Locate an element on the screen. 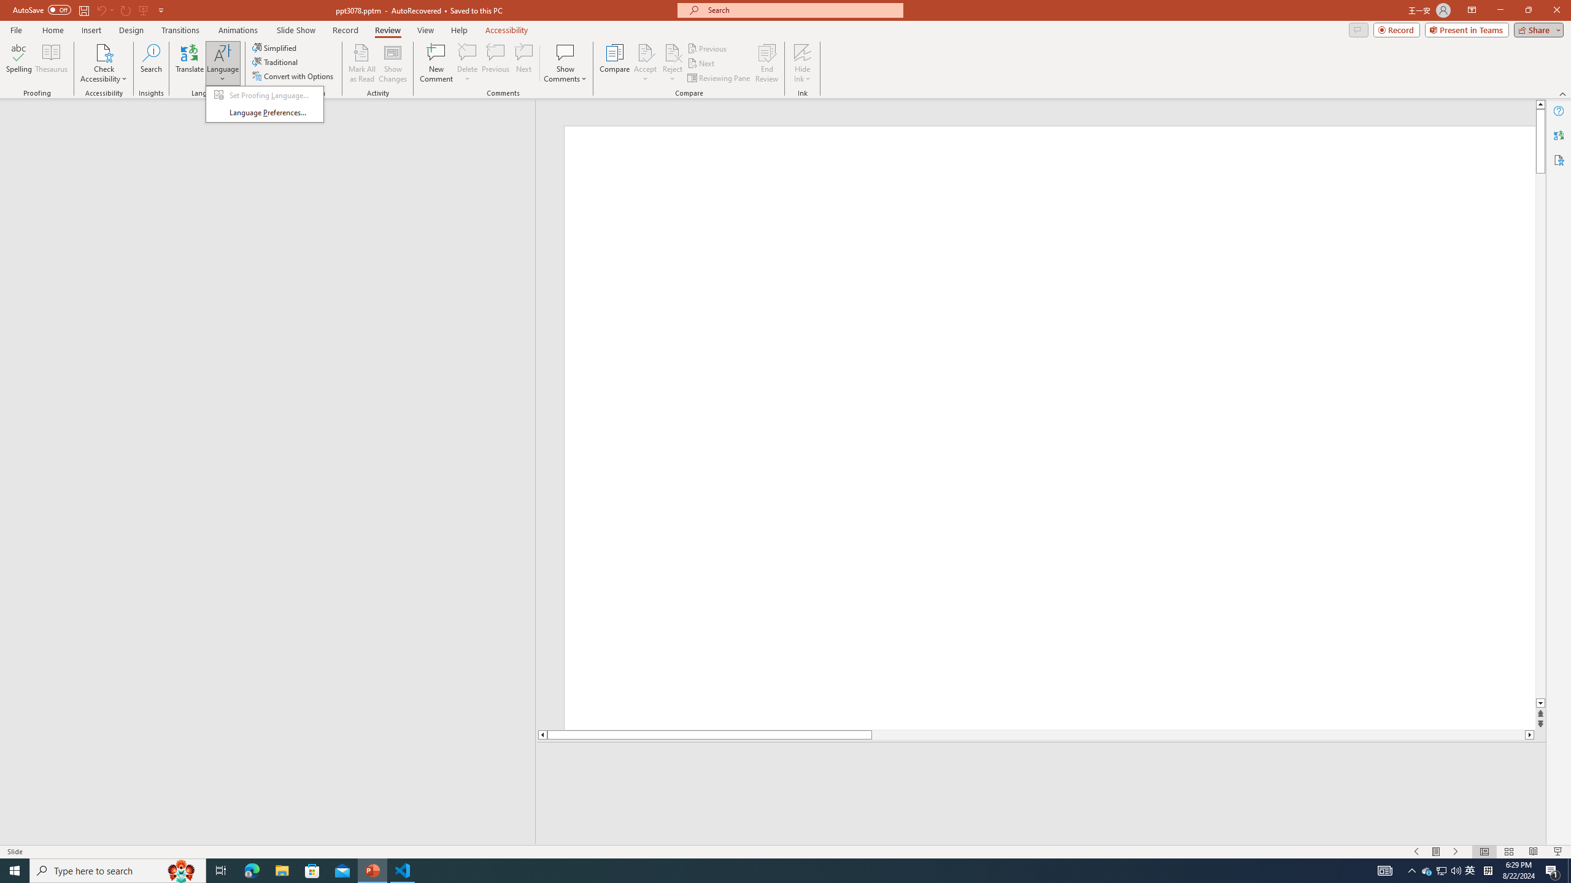 The width and height of the screenshot is (1571, 883). 'Spelling...' is located at coordinates (18, 63).